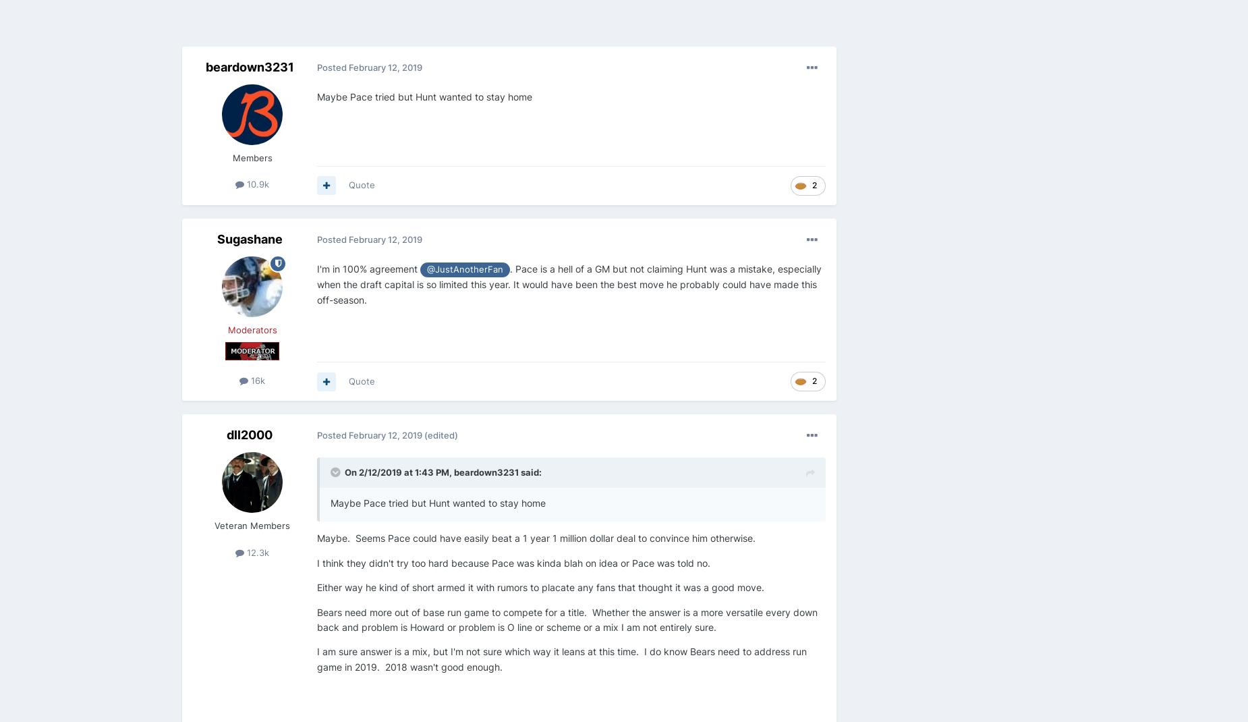 The width and height of the screenshot is (1248, 722). Describe the element at coordinates (251, 157) in the screenshot. I see `'Members'` at that location.